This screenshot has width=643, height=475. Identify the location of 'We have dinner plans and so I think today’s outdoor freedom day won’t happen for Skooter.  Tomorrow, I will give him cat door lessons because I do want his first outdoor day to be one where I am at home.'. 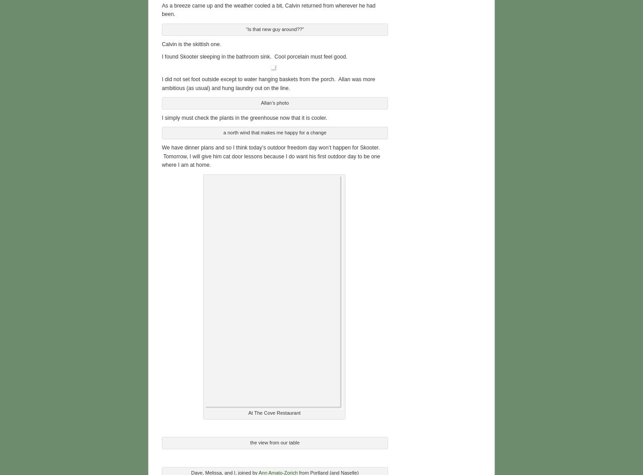
(271, 155).